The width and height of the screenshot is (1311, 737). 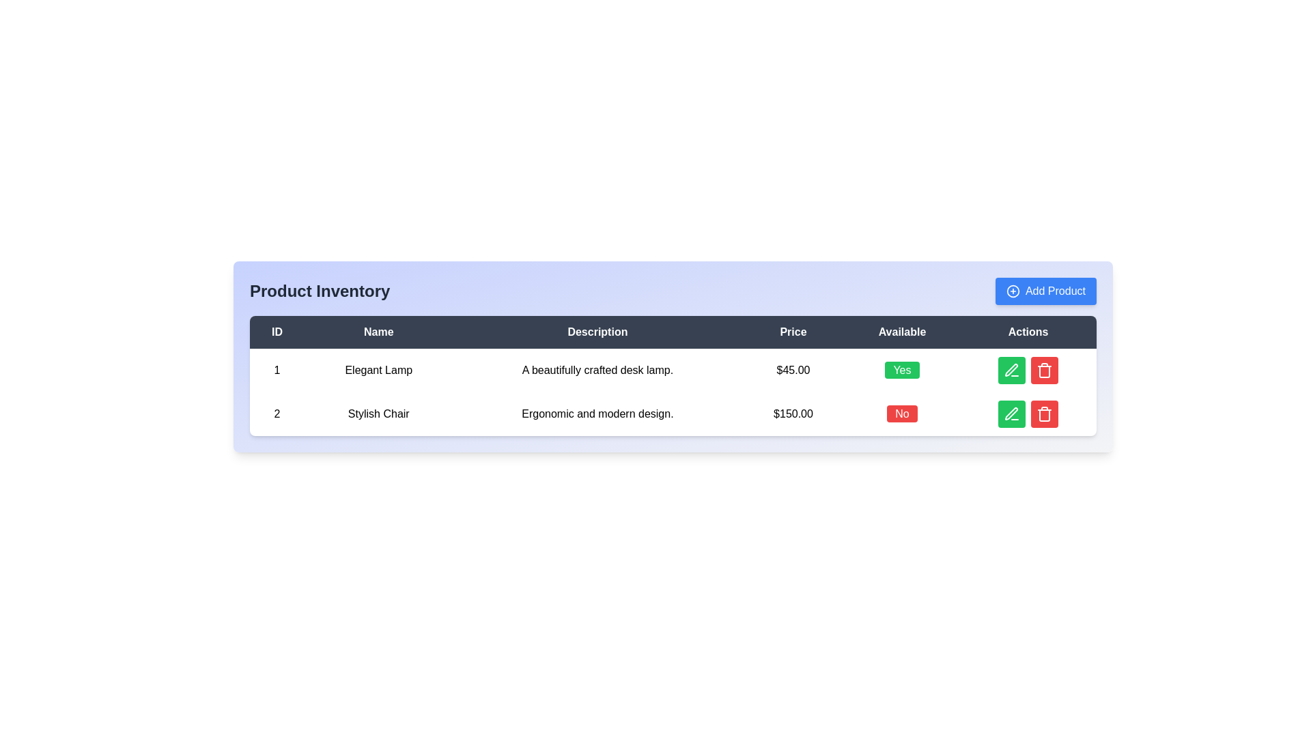 I want to click on the red button with a trash icon located in the 'Actions' column of the second row in the table for the item 'Stylish Chair', so click(x=1028, y=413).